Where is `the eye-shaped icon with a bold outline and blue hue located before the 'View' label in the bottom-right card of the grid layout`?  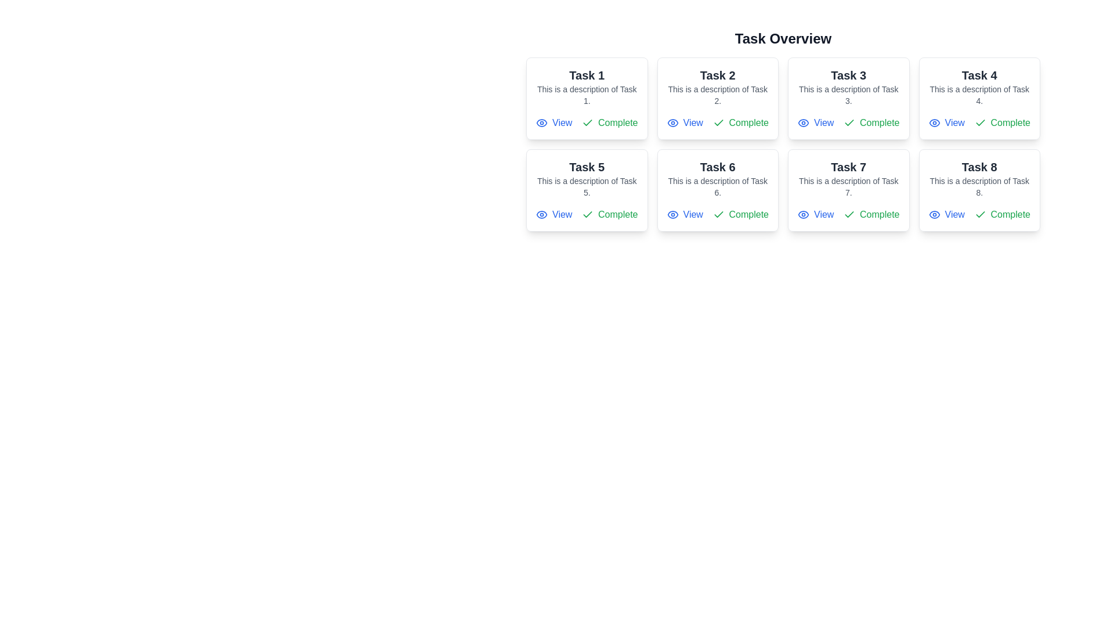
the eye-shaped icon with a bold outline and blue hue located before the 'View' label in the bottom-right card of the grid layout is located at coordinates (934, 215).